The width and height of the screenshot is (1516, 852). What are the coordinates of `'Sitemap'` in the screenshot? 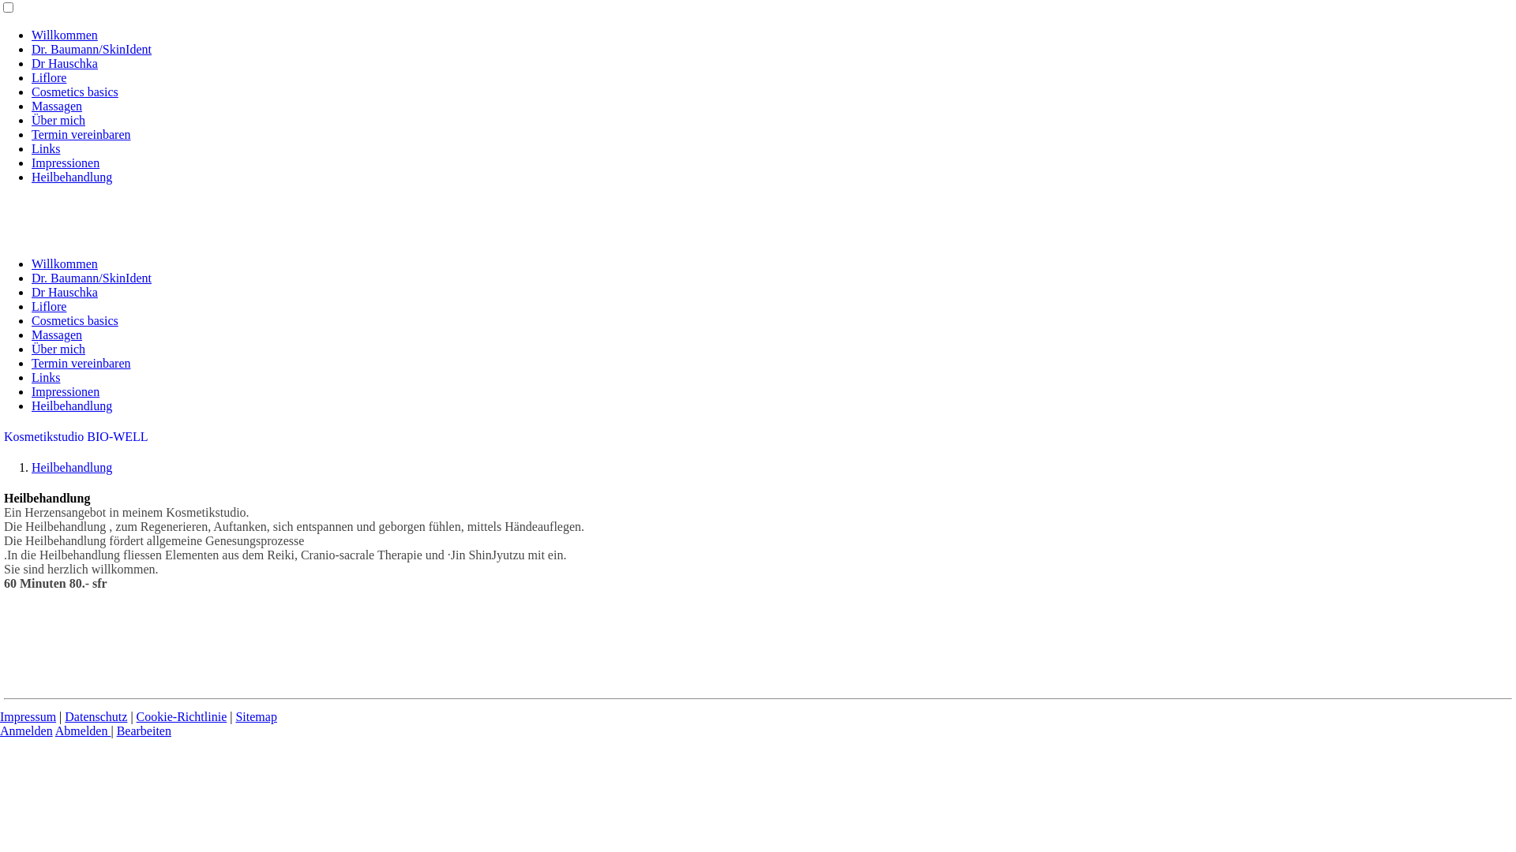 It's located at (256, 716).